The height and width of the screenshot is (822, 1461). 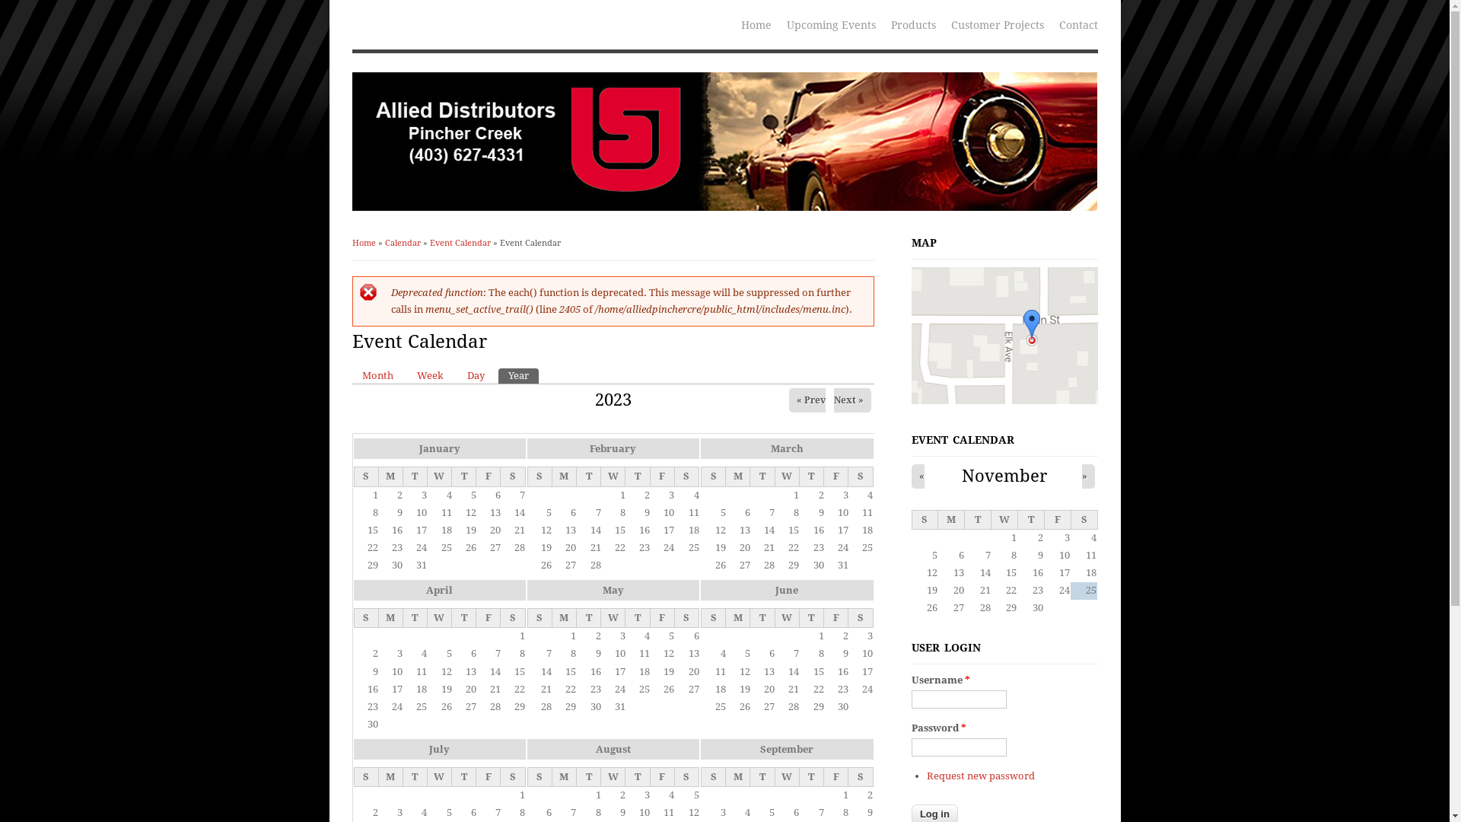 I want to click on 'Contact', so click(x=1077, y=24).